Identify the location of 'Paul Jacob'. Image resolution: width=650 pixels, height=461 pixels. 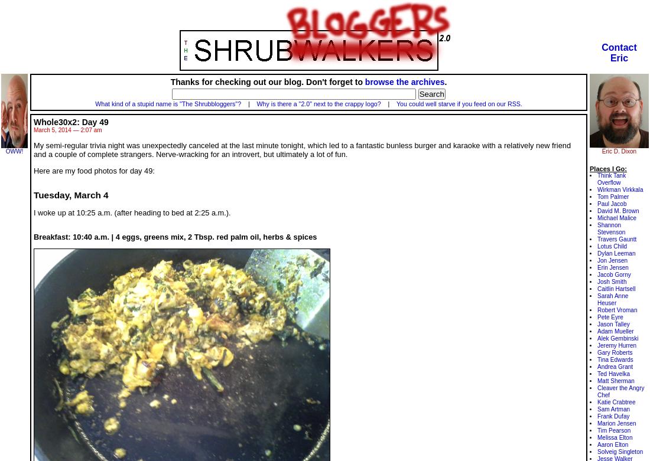
(597, 204).